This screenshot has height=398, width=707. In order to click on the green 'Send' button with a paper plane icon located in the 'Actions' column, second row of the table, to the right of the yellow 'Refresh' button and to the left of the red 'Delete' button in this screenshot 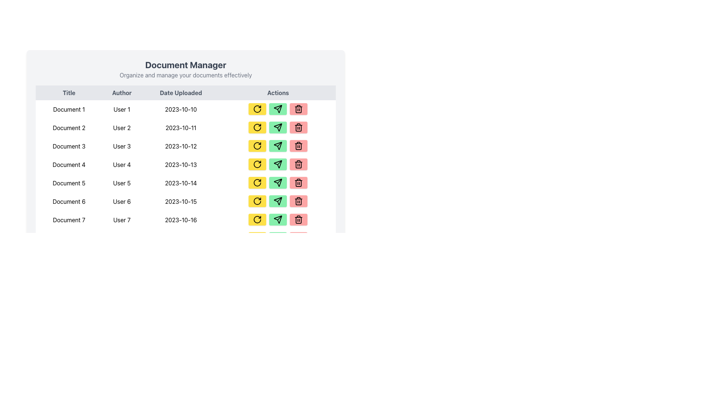, I will do `click(278, 128)`.